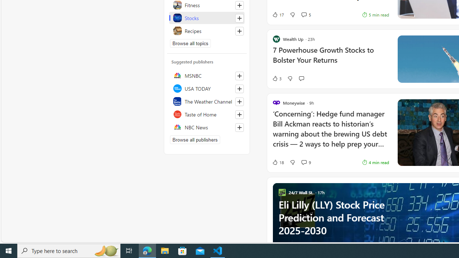 Image resolution: width=459 pixels, height=258 pixels. Describe the element at coordinates (207, 18) in the screenshot. I see `'Stocks'` at that location.